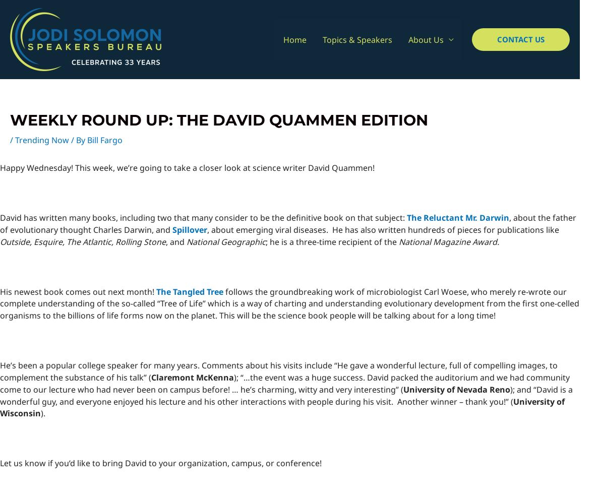 The width and height of the screenshot is (600, 504). Describe the element at coordinates (69, 140) in the screenshot. I see `'/ By'` at that location.